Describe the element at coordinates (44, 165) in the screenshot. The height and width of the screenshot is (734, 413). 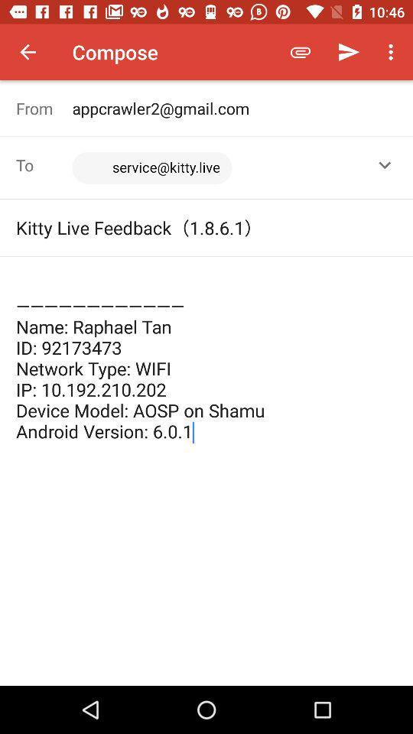
I see `the to item` at that location.